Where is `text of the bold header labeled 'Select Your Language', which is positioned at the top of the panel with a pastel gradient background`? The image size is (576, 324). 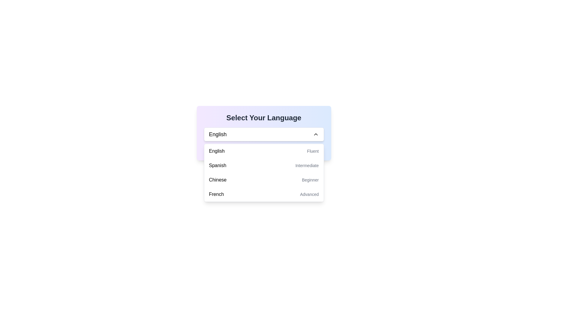 text of the bold header labeled 'Select Your Language', which is positioned at the top of the panel with a pastel gradient background is located at coordinates (264, 118).